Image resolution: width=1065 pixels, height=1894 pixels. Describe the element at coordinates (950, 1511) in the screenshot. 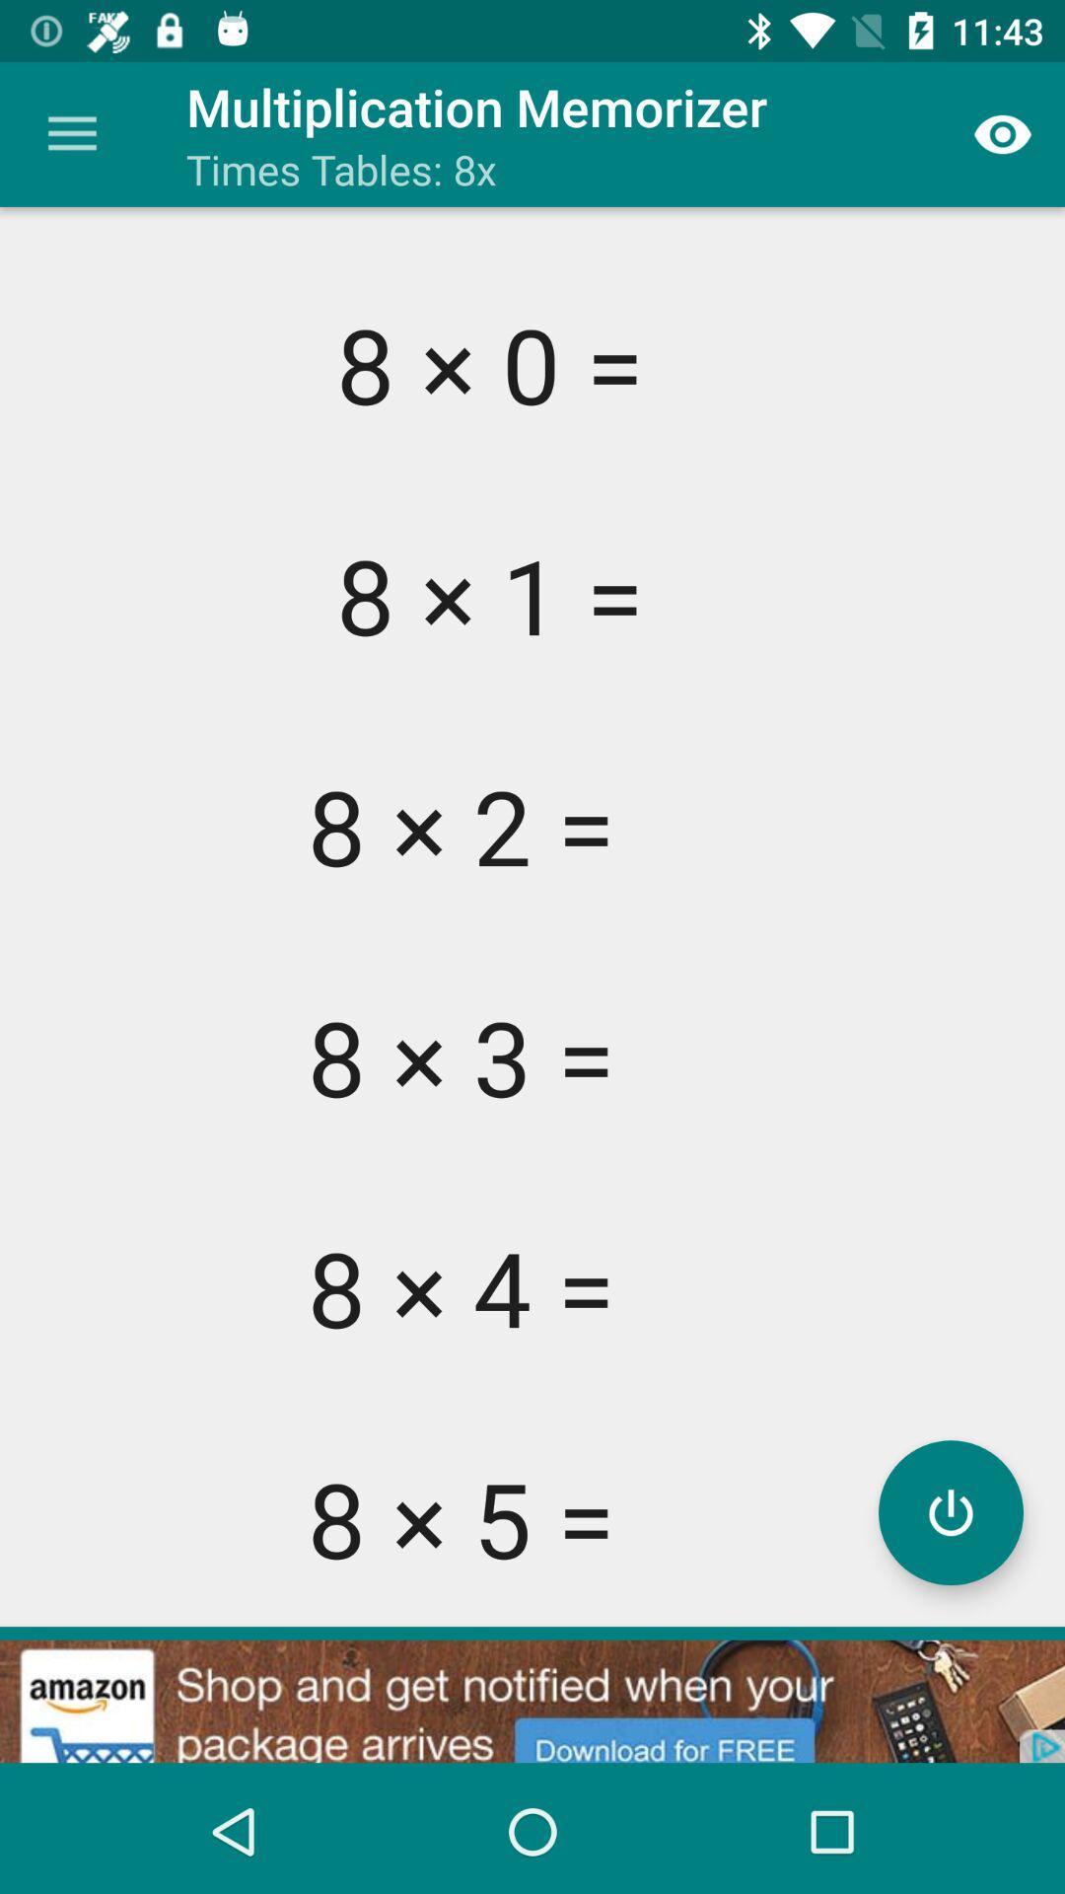

I see `show or hide answers` at that location.